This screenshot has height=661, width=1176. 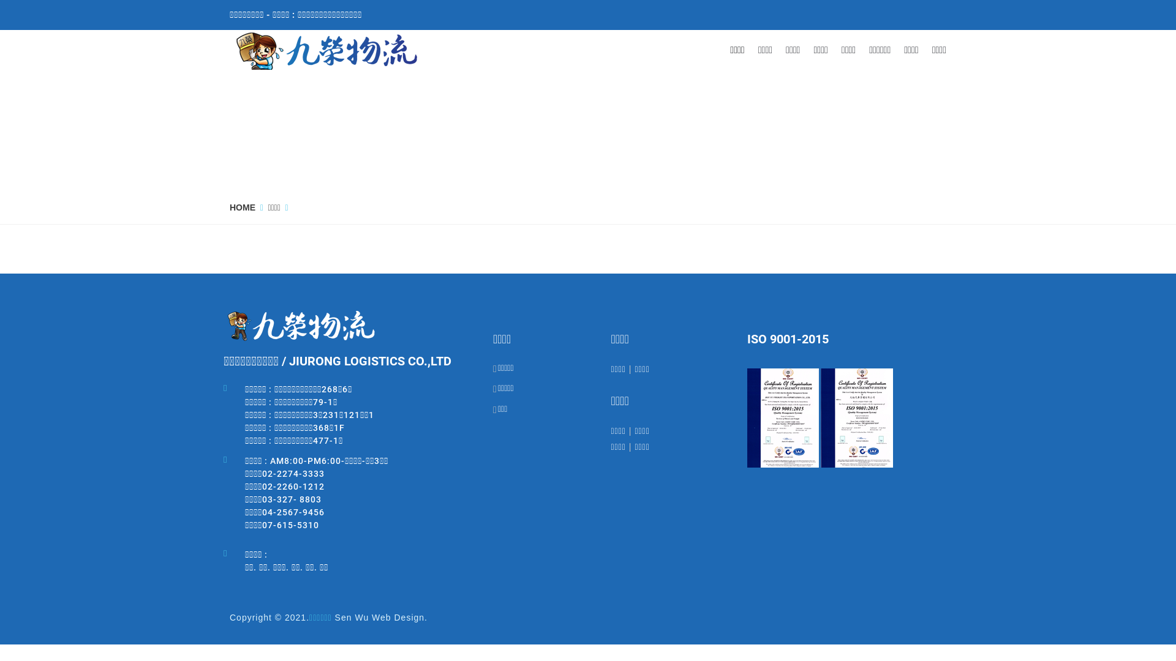 I want to click on 'HOME', so click(x=242, y=207).